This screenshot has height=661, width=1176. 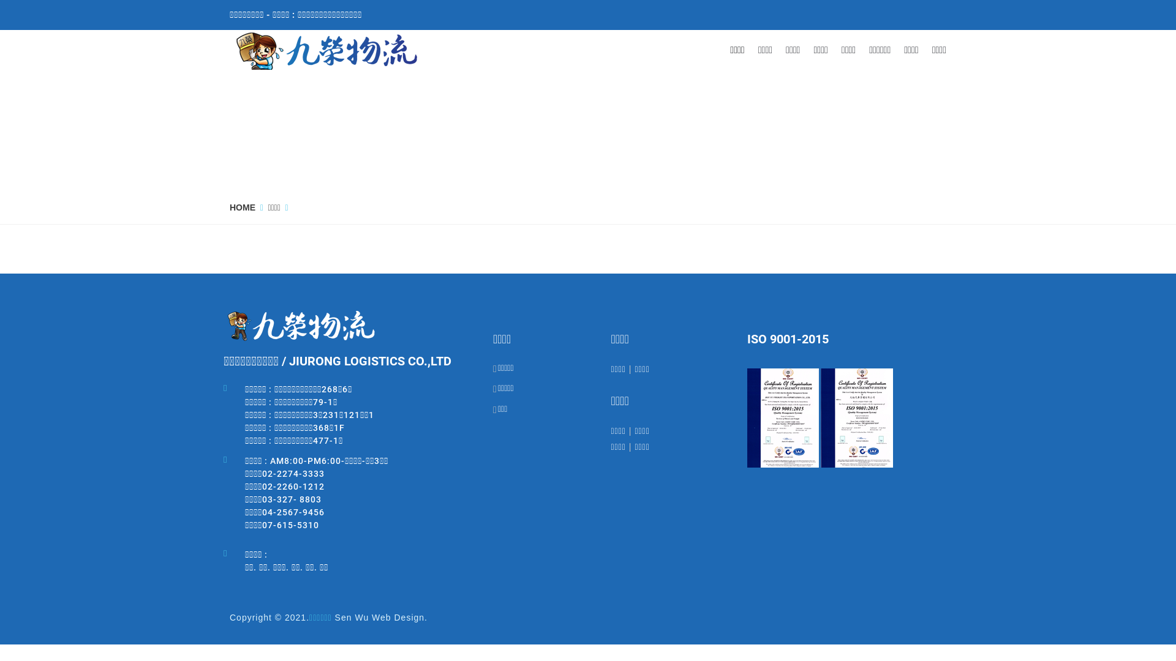 I want to click on 'HOME', so click(x=242, y=207).